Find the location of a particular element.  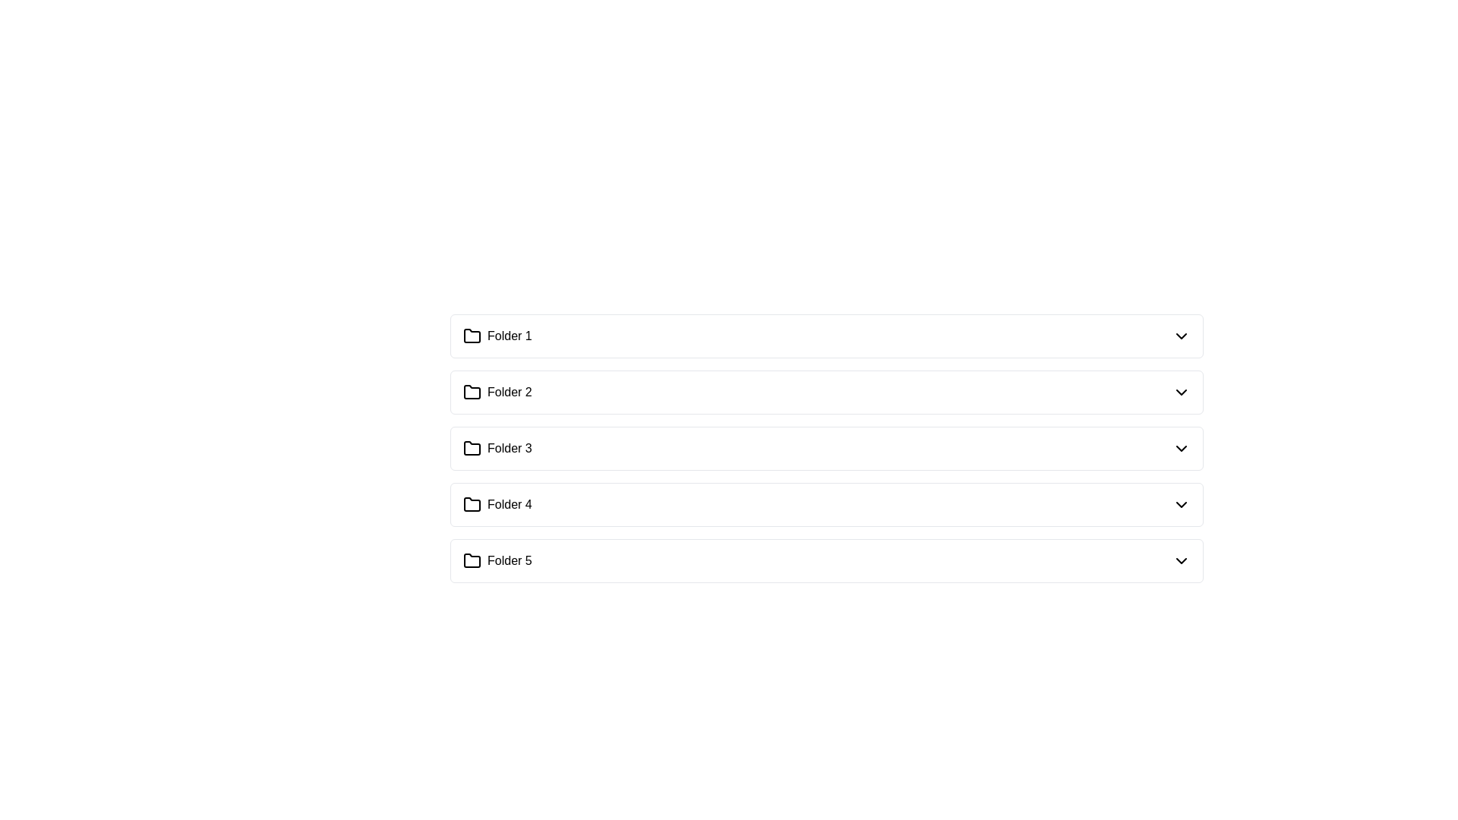

the folder icon representing 'Folder 2' is located at coordinates (472, 391).